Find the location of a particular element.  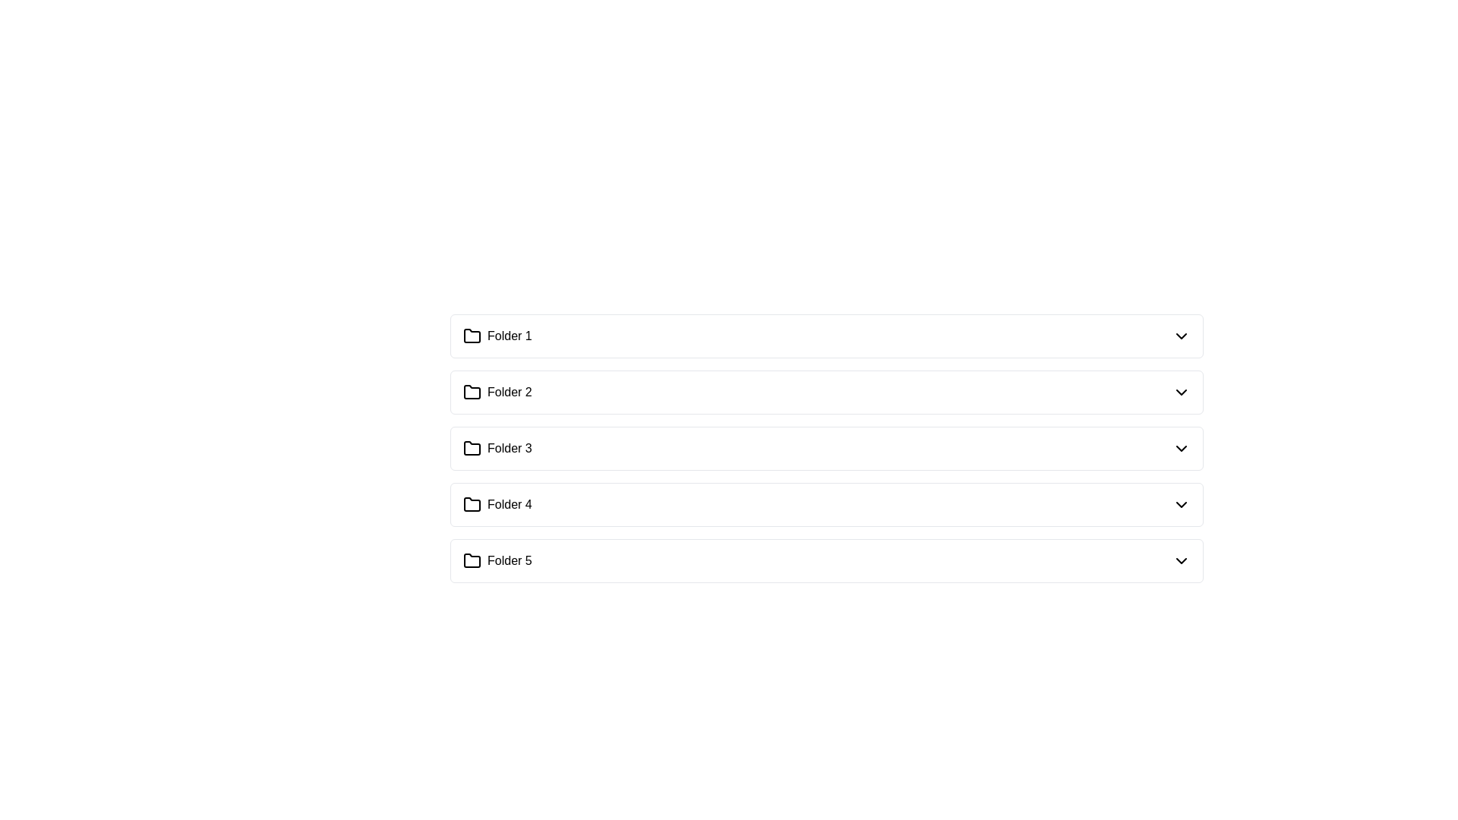

the folder icon representing 'Folder 2' is located at coordinates (472, 391).